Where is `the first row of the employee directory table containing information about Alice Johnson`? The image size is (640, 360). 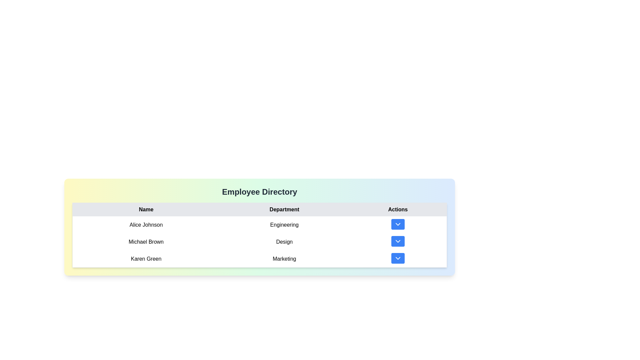
the first row of the employee directory table containing information about Alice Johnson is located at coordinates (259, 225).